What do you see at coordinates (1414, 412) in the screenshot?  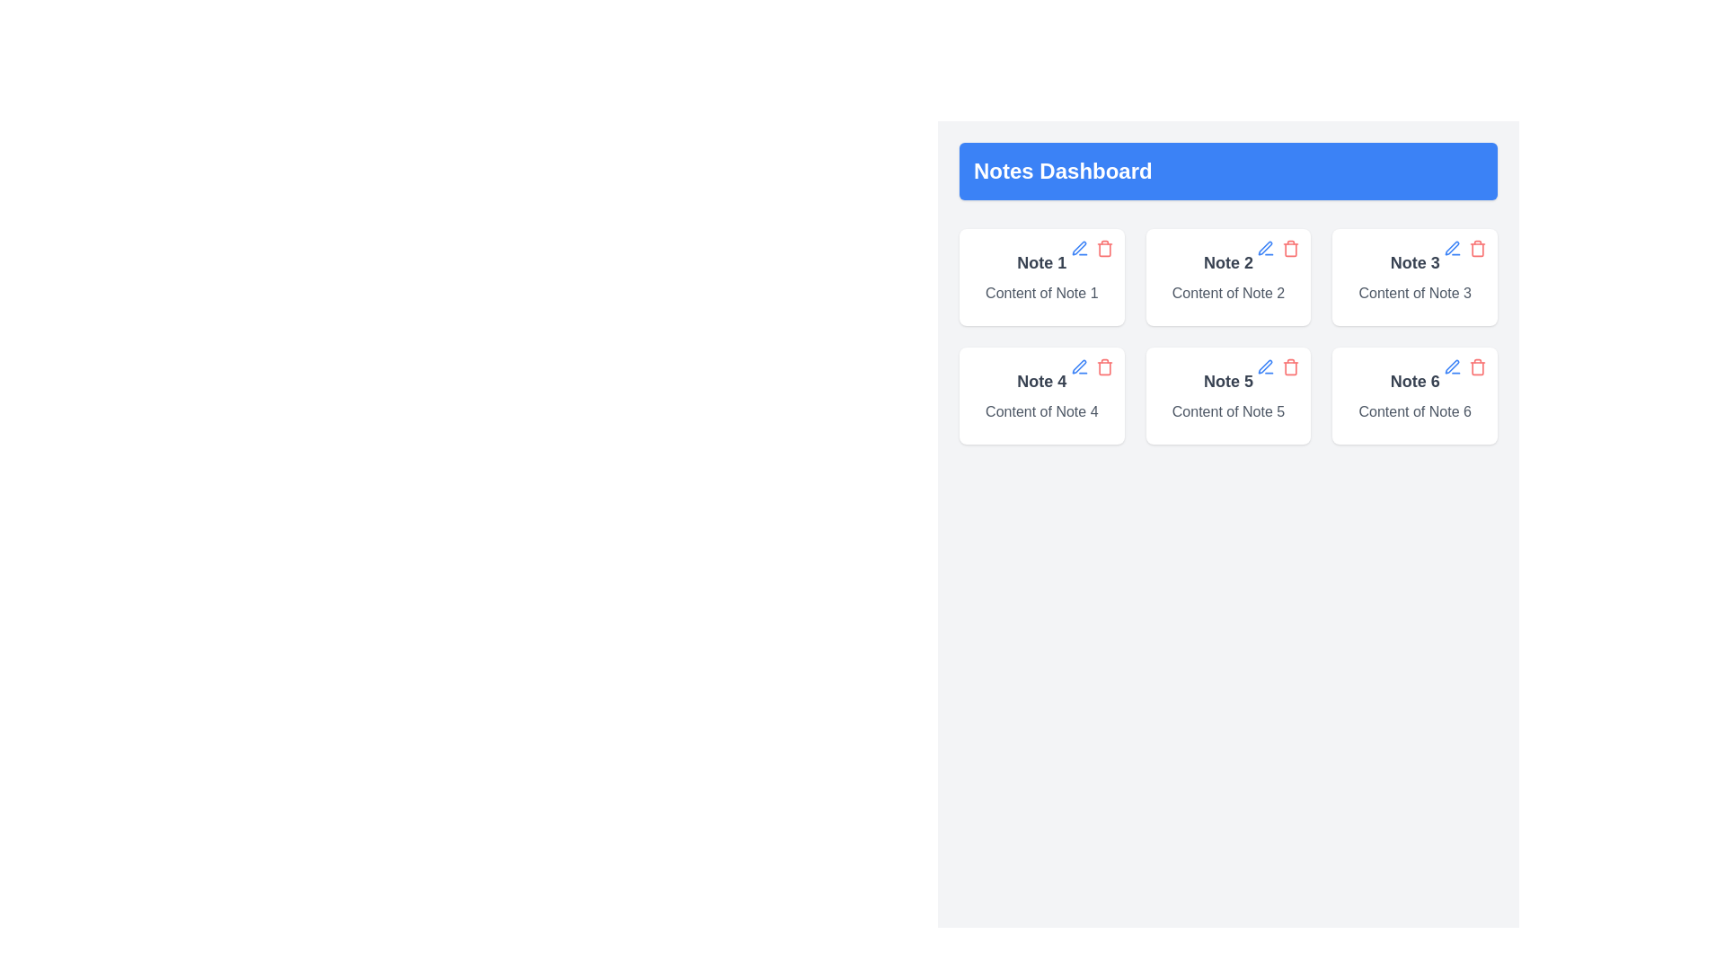 I see `the text label displaying the content description of 'Note 6', positioned centrally below the title in the Notes Dashboard` at bounding box center [1414, 412].